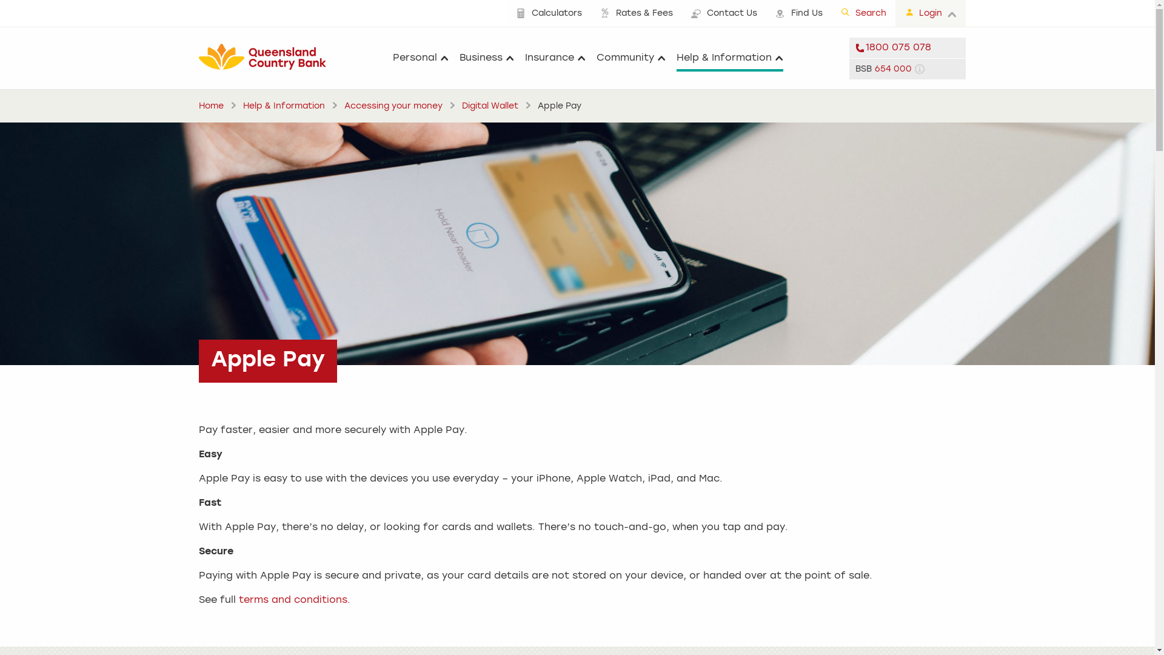 The width and height of the screenshot is (1164, 655). I want to click on 'Find Us', so click(799, 13).